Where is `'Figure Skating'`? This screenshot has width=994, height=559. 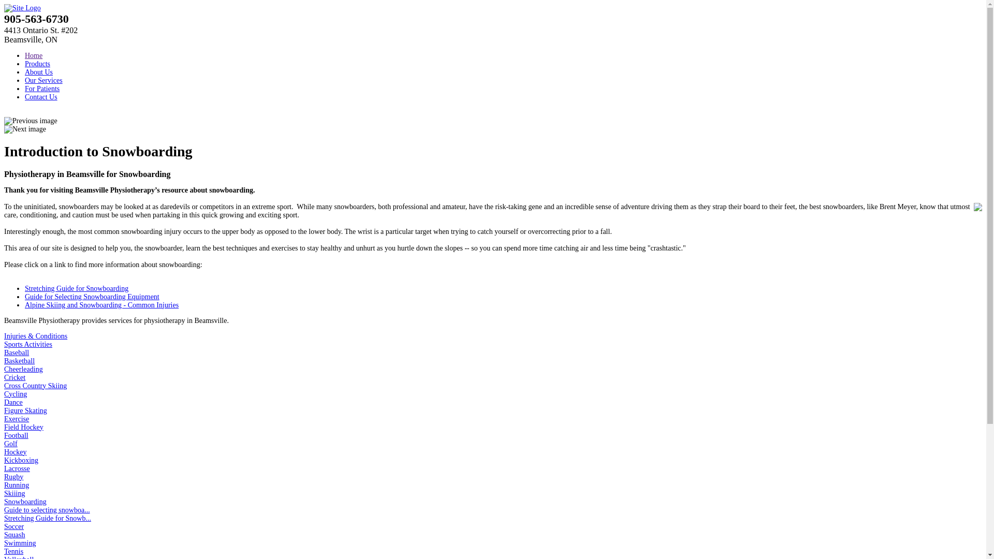 'Figure Skating' is located at coordinates (4, 410).